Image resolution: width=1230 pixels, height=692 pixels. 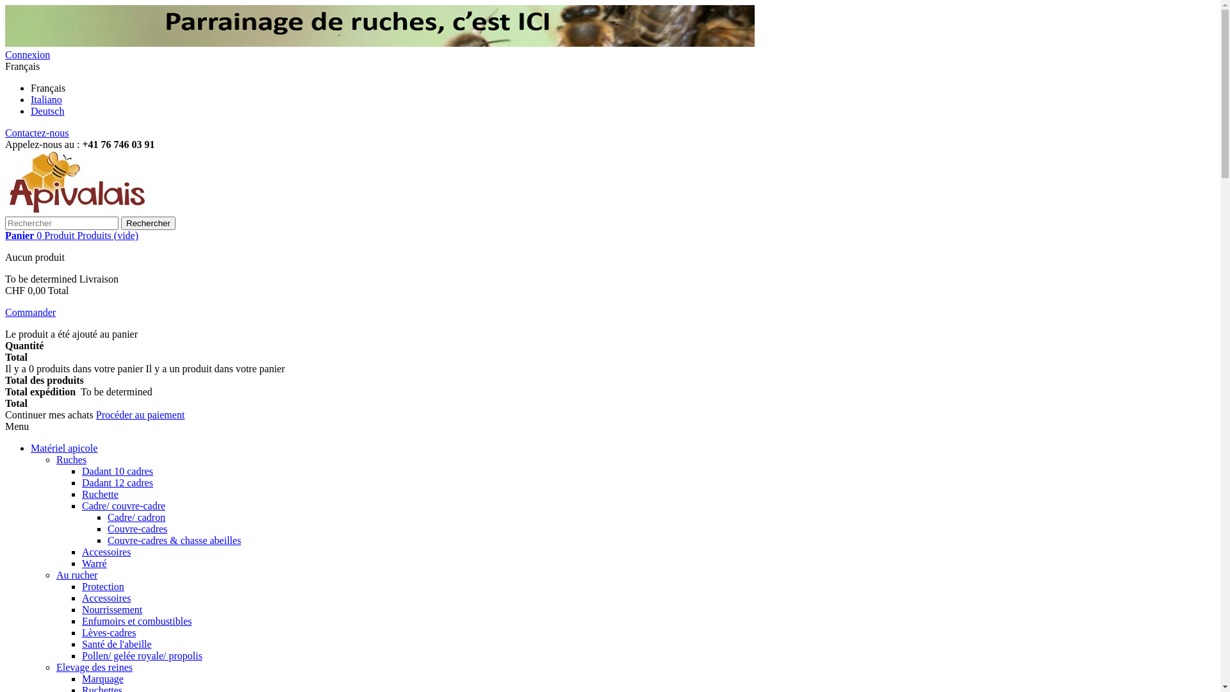 I want to click on 'Contactez-nous', so click(x=37, y=133).